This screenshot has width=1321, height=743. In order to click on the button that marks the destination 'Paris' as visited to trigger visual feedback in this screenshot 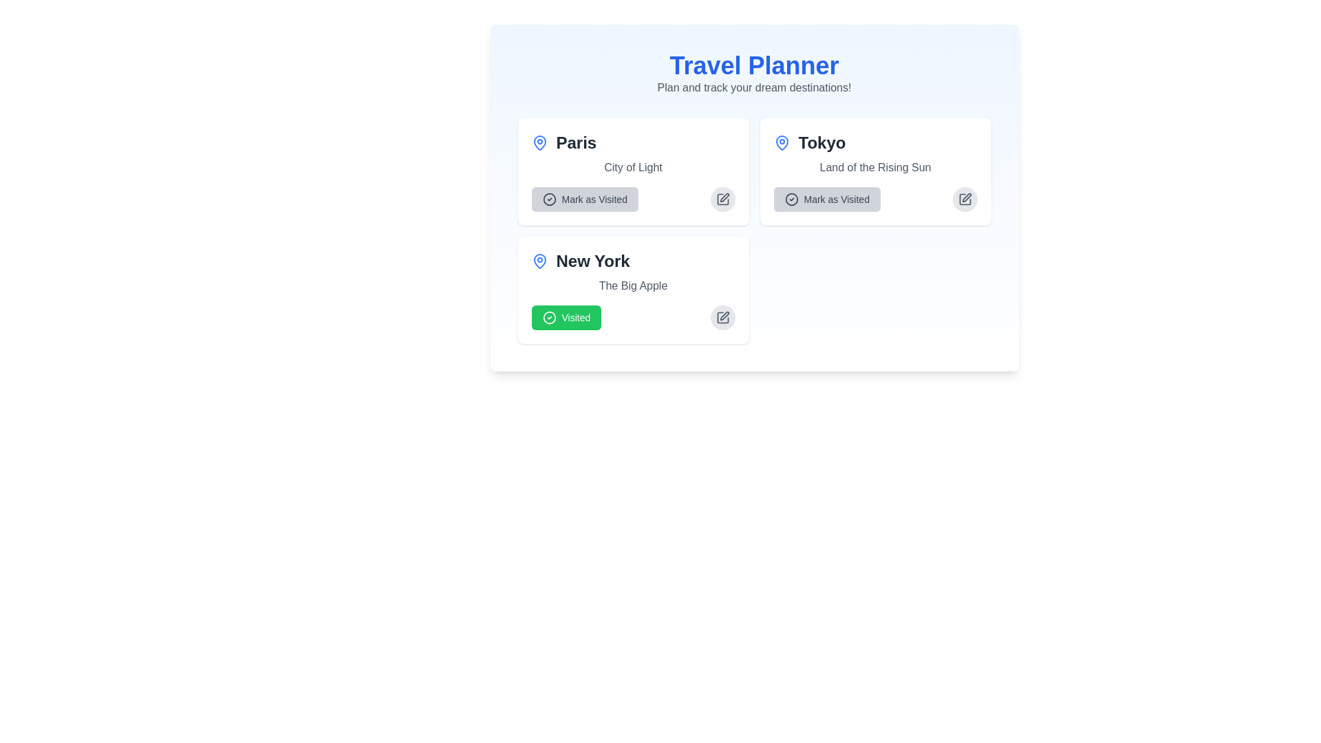, I will do `click(632, 199)`.